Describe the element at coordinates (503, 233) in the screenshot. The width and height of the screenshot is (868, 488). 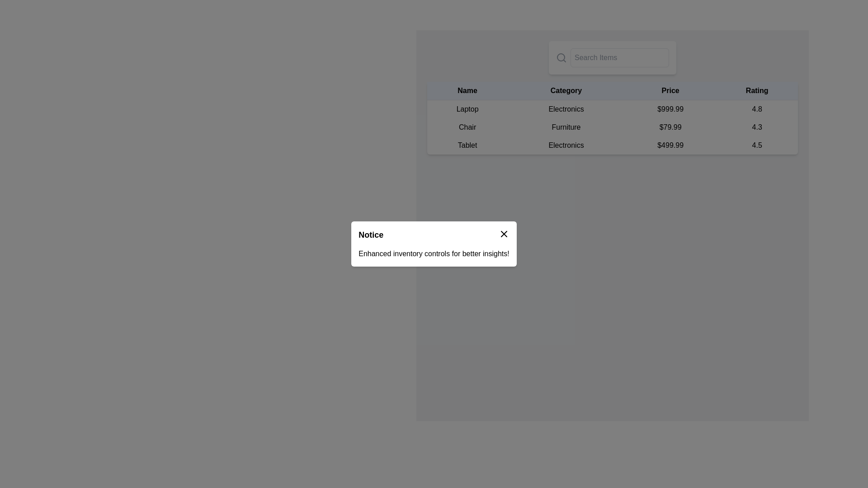
I see `the Close Icon at the top-right corner of the 'Notice' modal` at that location.